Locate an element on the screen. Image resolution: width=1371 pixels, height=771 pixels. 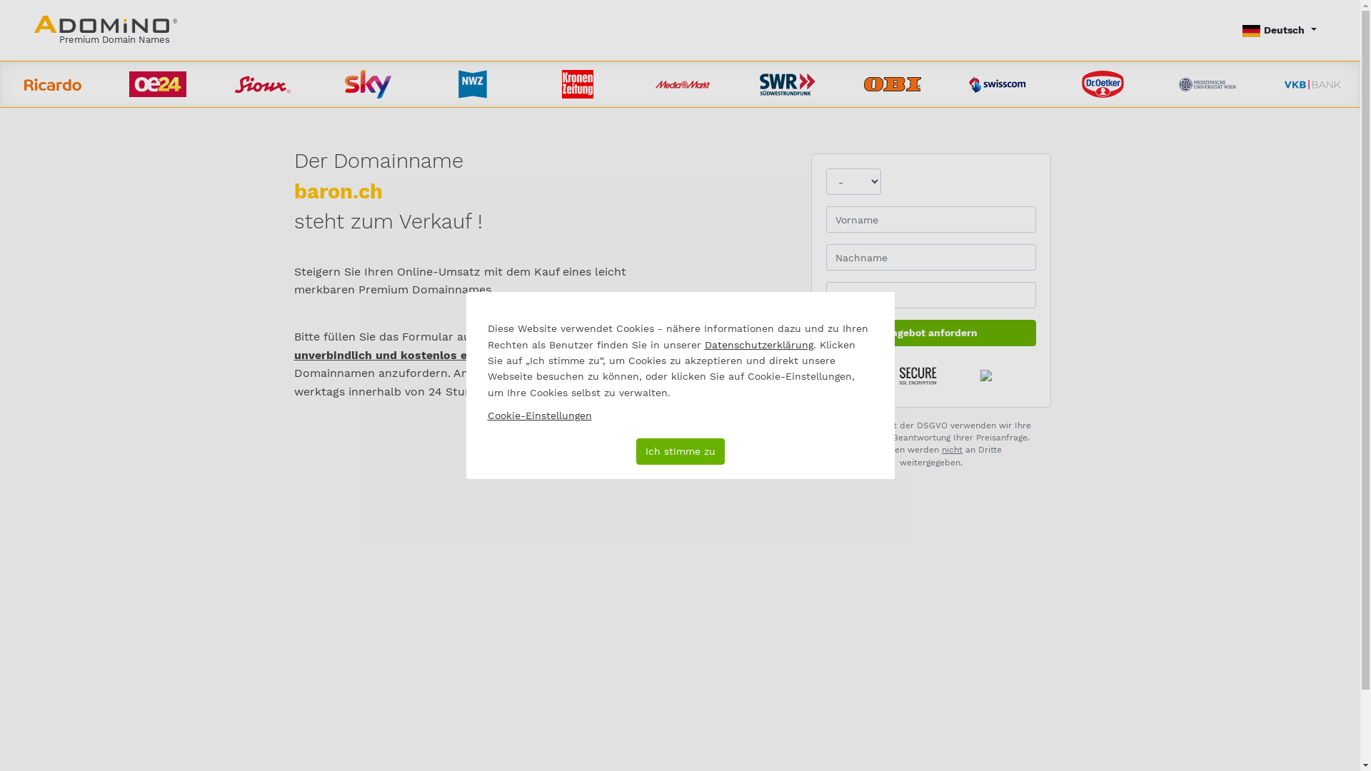
'Cookie-Einstellungen' is located at coordinates (538, 415).